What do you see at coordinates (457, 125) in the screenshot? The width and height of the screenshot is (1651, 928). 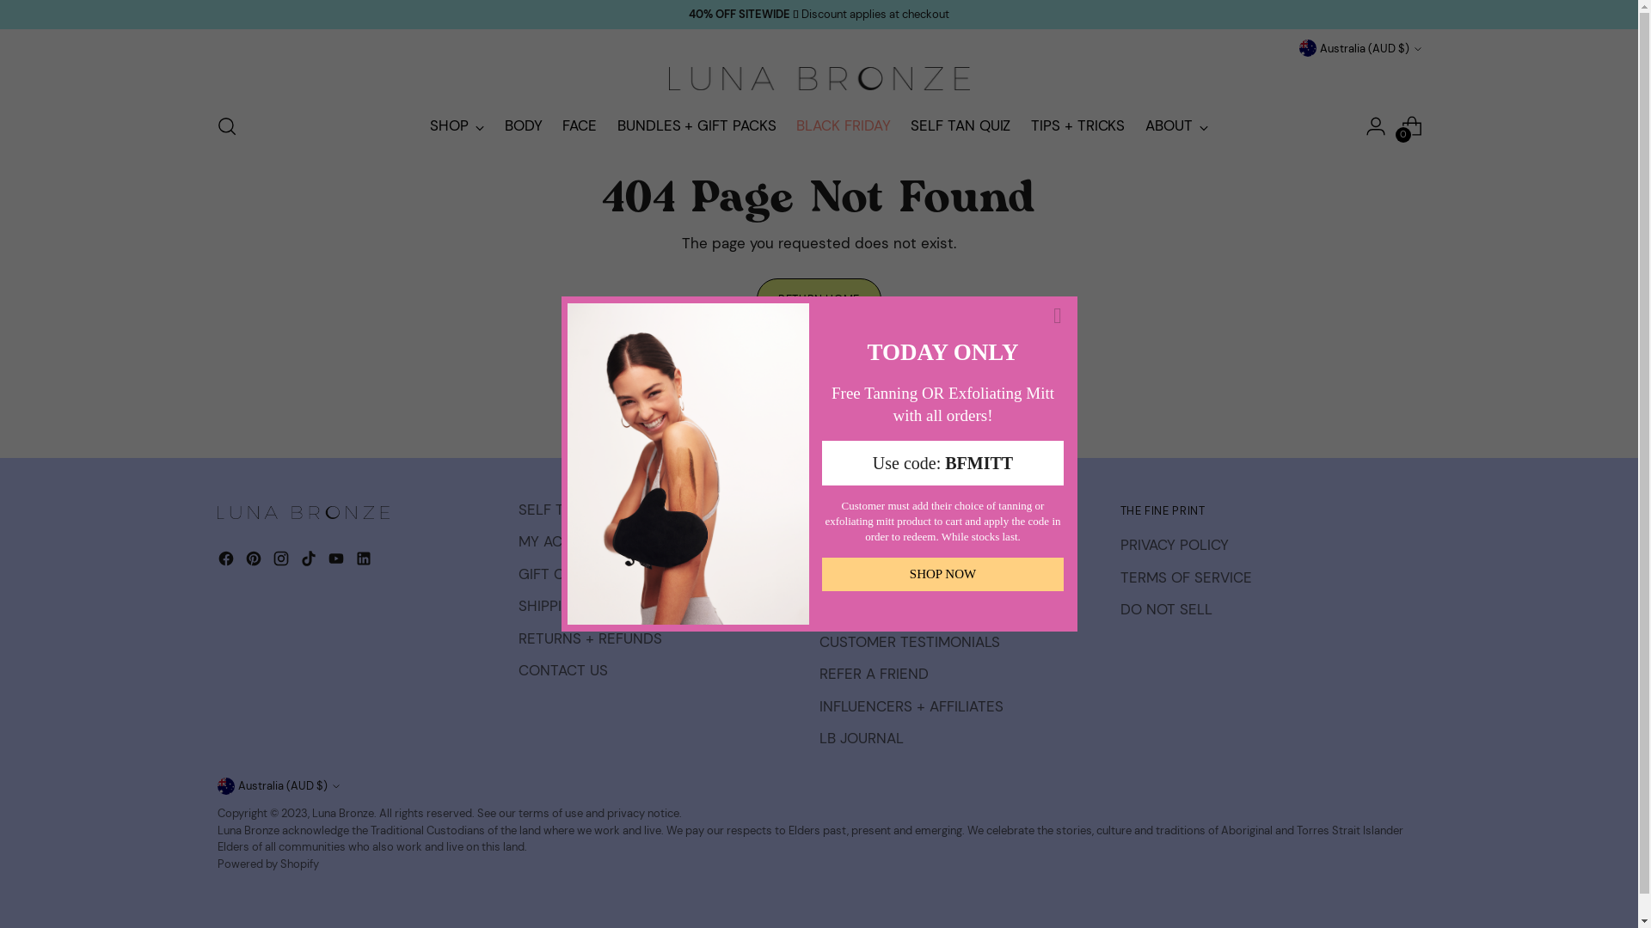 I see `'SHOP'` at bounding box center [457, 125].